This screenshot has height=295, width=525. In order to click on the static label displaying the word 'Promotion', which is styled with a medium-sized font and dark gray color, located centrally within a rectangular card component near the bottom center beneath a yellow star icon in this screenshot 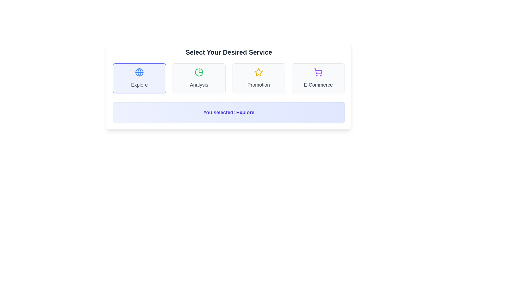, I will do `click(258, 85)`.